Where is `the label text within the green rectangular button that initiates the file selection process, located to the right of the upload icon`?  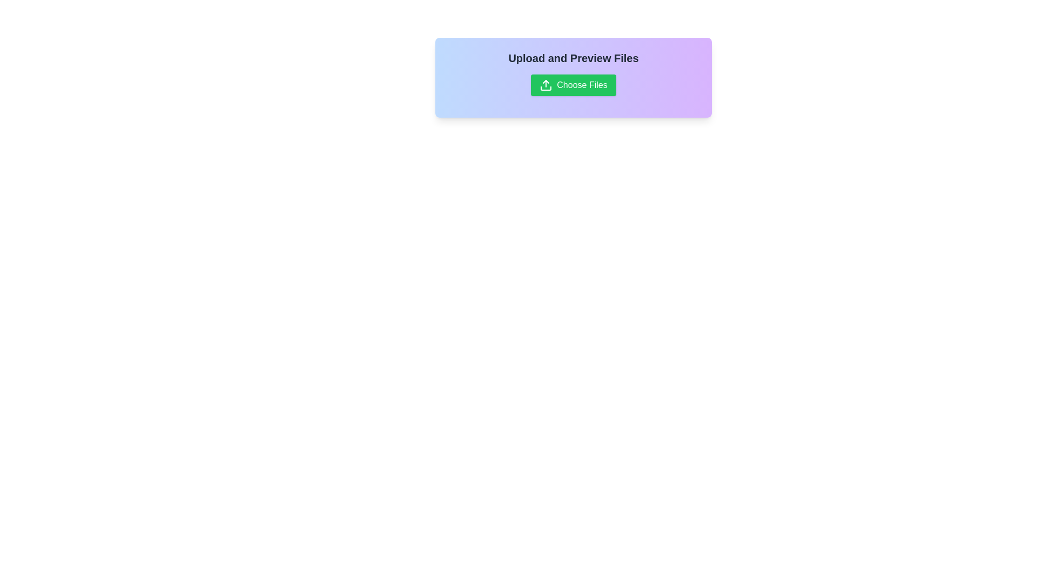
the label text within the green rectangular button that initiates the file selection process, located to the right of the upload icon is located at coordinates (582, 85).